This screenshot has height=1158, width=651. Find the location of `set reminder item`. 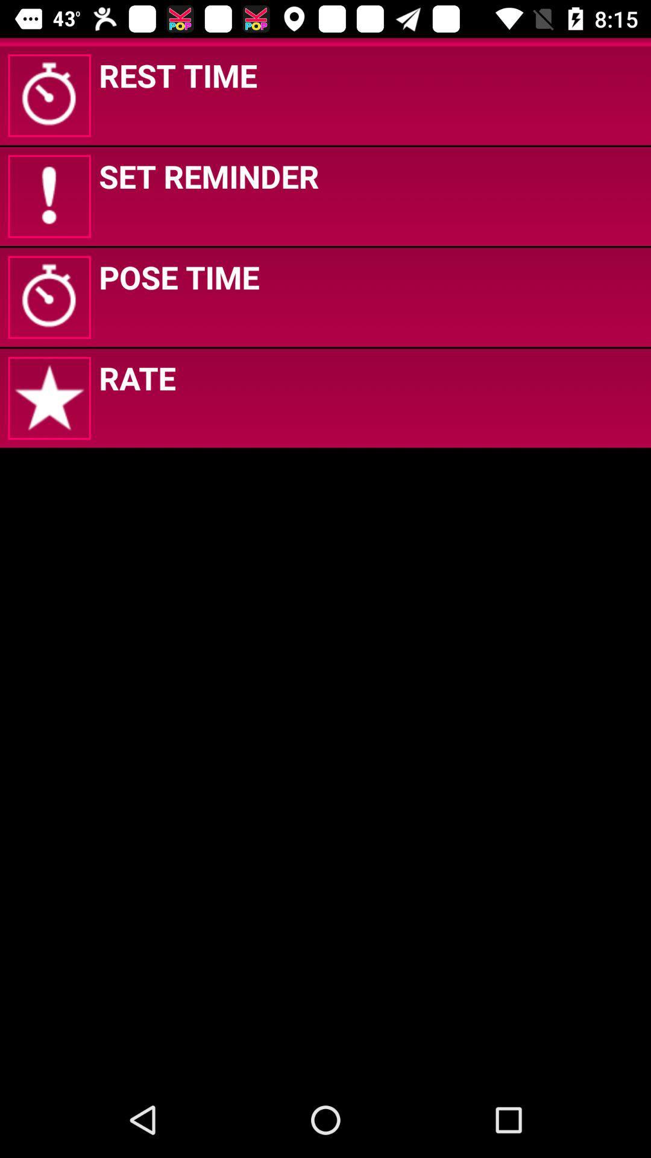

set reminder item is located at coordinates (208, 176).